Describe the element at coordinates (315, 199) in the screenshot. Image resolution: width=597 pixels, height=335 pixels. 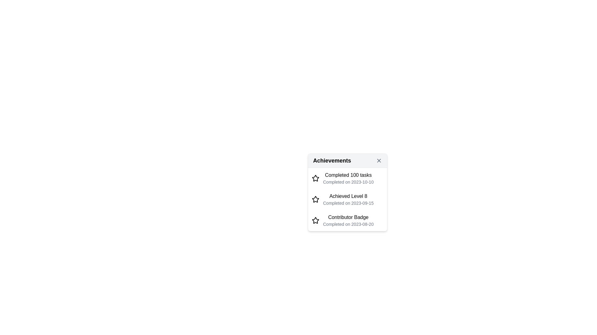
I see `the achievement icon representing 'Level 8' located near the left edge of the 'Achieved Level 8' section` at that location.